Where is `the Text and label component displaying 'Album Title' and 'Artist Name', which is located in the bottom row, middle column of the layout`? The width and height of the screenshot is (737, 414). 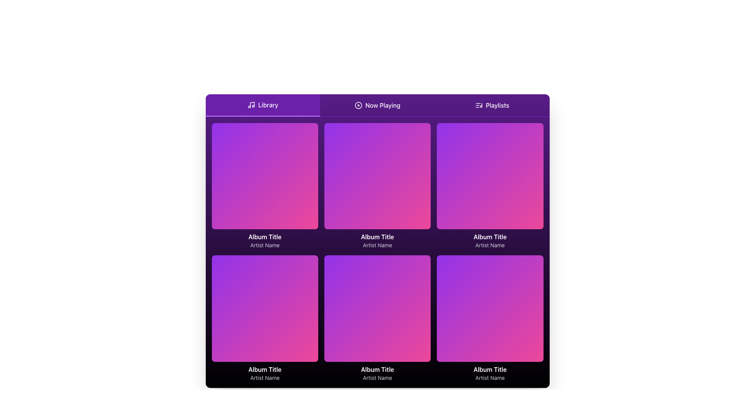
the Text and label component displaying 'Album Title' and 'Artist Name', which is located in the bottom row, middle column of the layout is located at coordinates (377, 373).